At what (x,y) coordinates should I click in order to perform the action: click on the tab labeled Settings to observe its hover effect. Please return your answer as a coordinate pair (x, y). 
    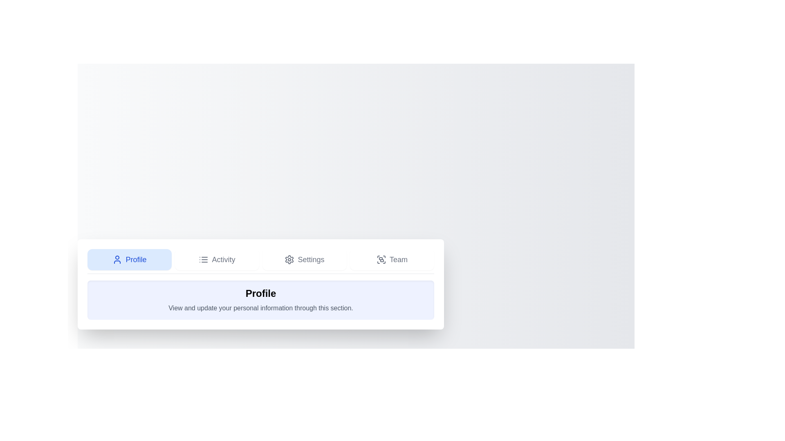
    Looking at the image, I should click on (304, 259).